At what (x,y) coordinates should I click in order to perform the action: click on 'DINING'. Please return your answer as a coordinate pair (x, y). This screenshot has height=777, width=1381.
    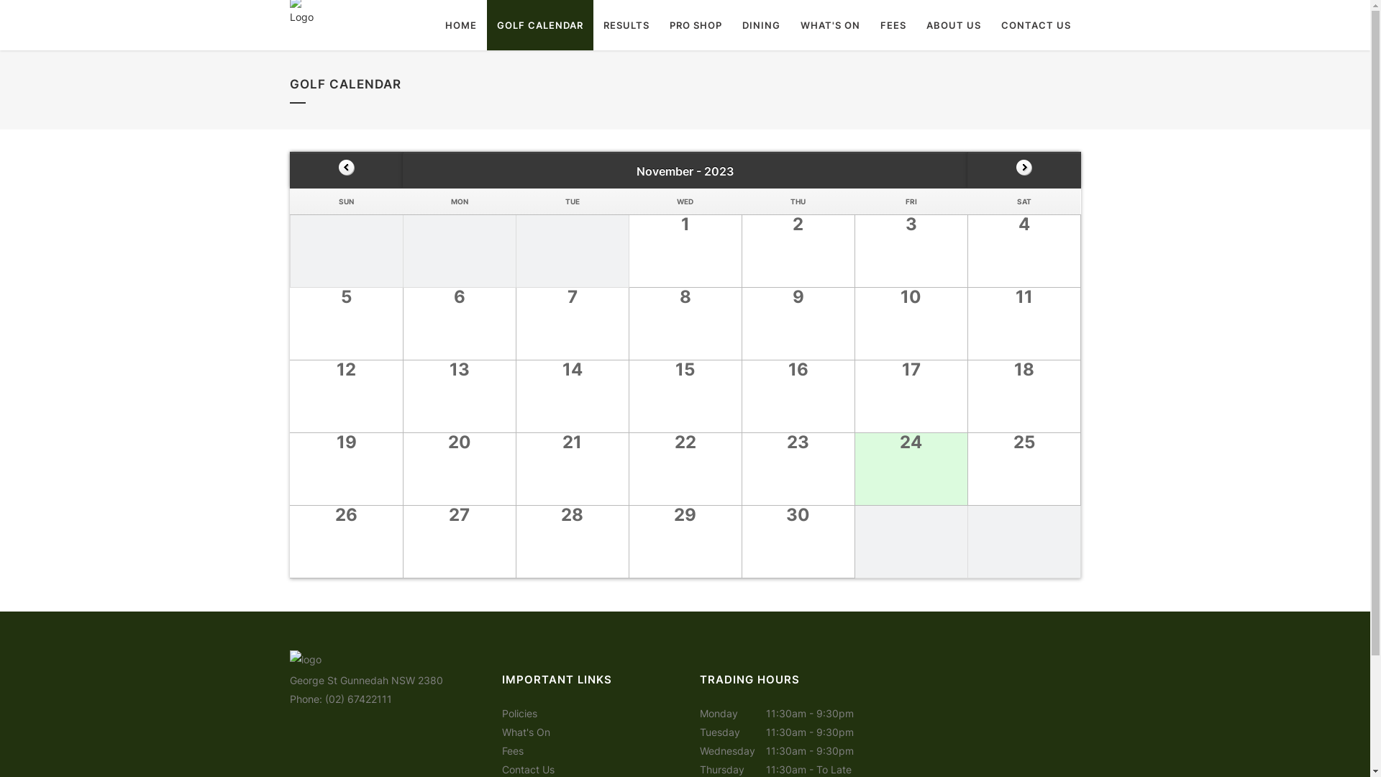
    Looking at the image, I should click on (760, 24).